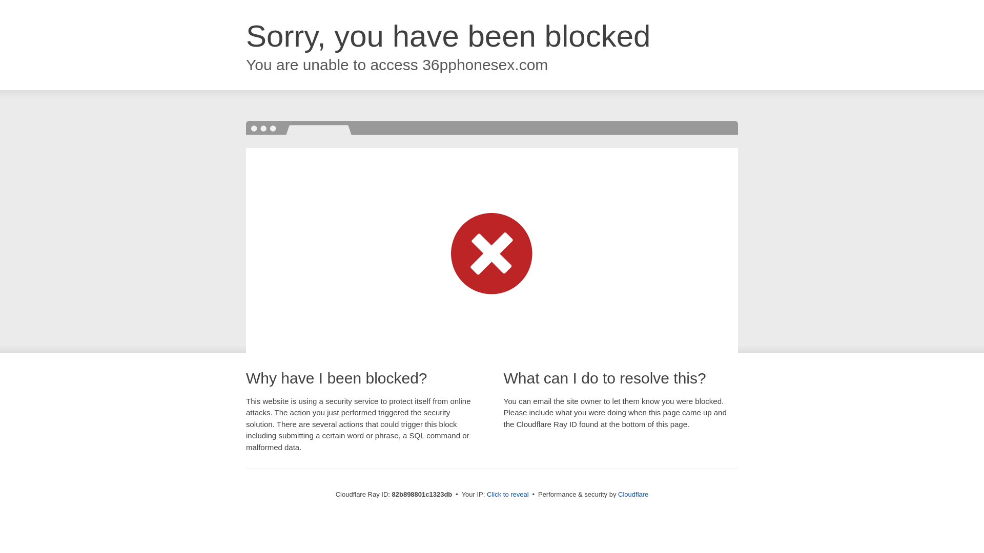 This screenshot has width=984, height=553. Describe the element at coordinates (486, 494) in the screenshot. I see `'Click to reveal'` at that location.